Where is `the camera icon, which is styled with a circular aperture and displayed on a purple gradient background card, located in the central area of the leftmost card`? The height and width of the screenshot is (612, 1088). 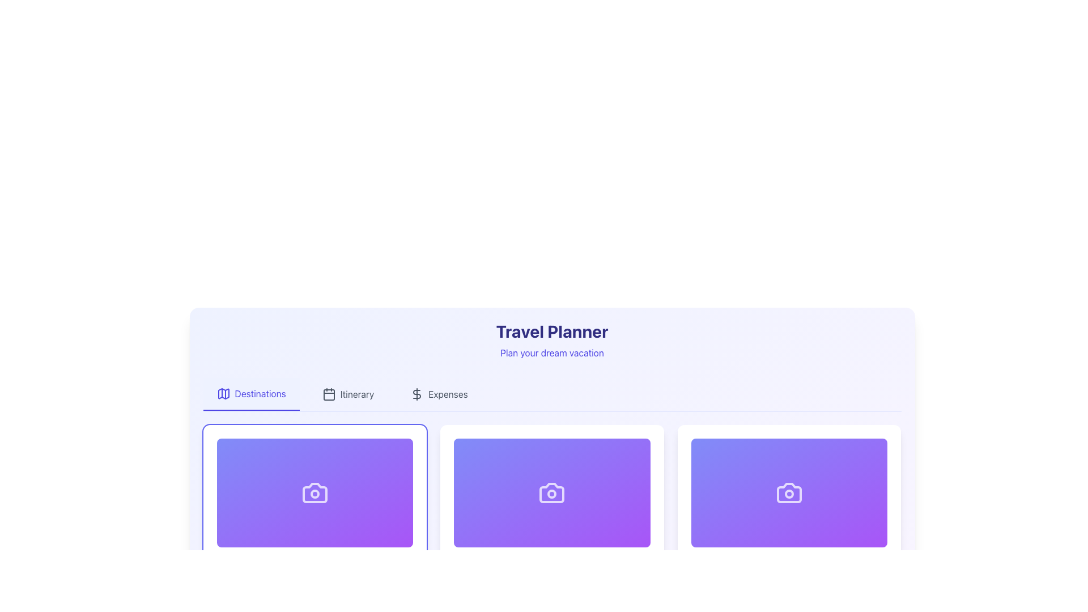
the camera icon, which is styled with a circular aperture and displayed on a purple gradient background card, located in the central area of the leftmost card is located at coordinates (314, 492).